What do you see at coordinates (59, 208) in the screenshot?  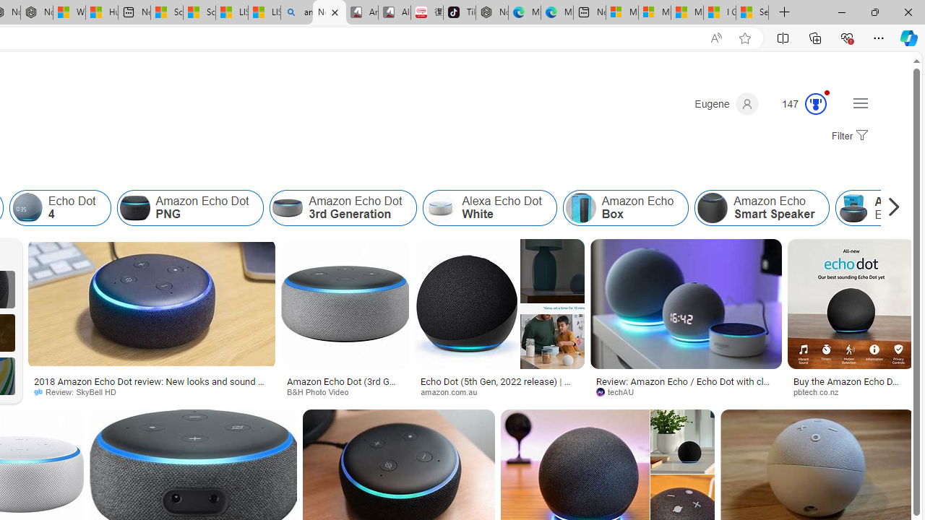 I see `'Echo Dot 4'` at bounding box center [59, 208].